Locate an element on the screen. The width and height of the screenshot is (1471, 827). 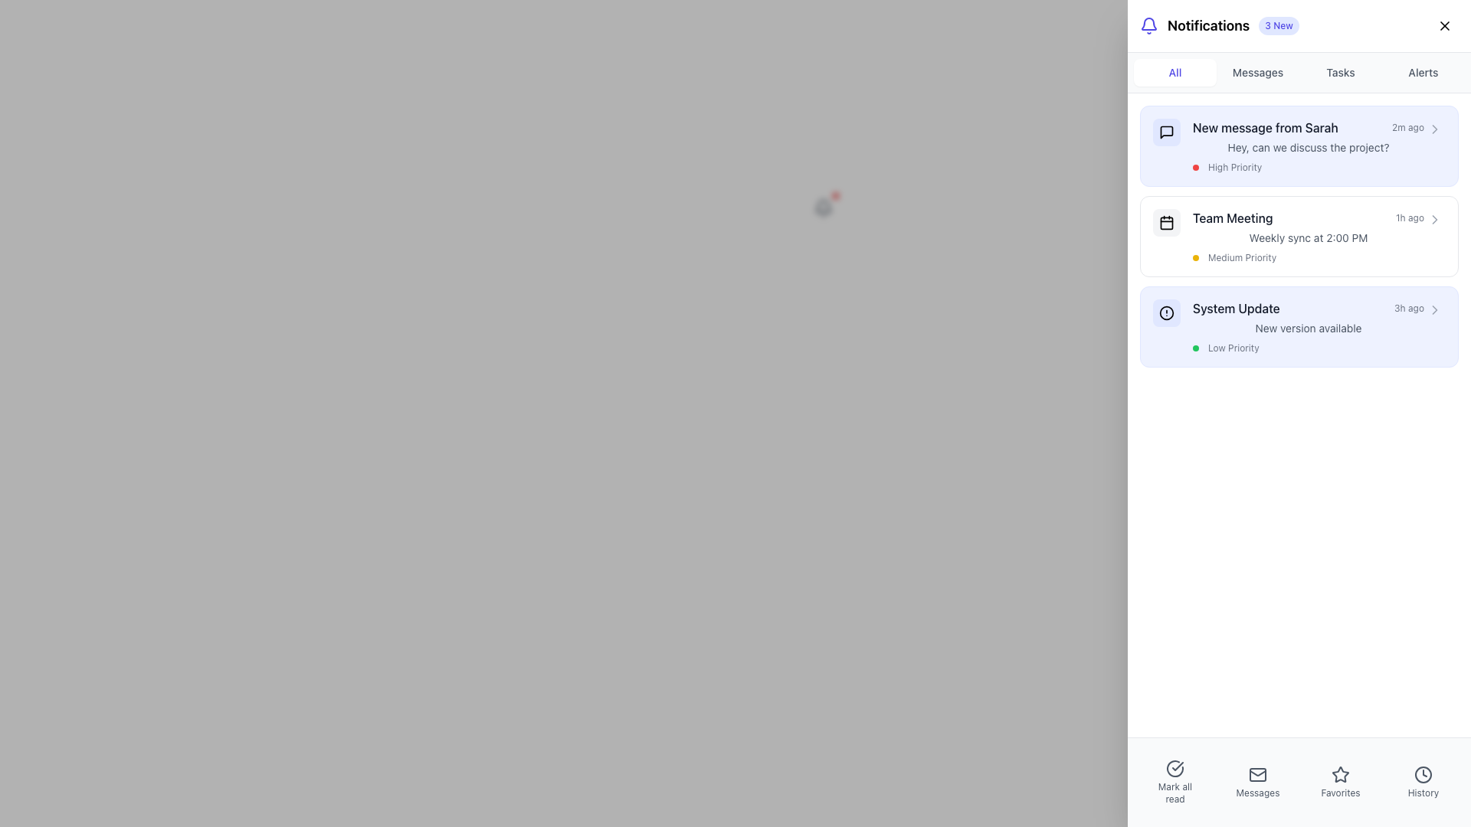
the 'Messages' navigation button, which is the second of four icons at the bottom of the interface, flanked by 'Mark all read' on the left and 'Favorites' on the right is located at coordinates (1257, 783).